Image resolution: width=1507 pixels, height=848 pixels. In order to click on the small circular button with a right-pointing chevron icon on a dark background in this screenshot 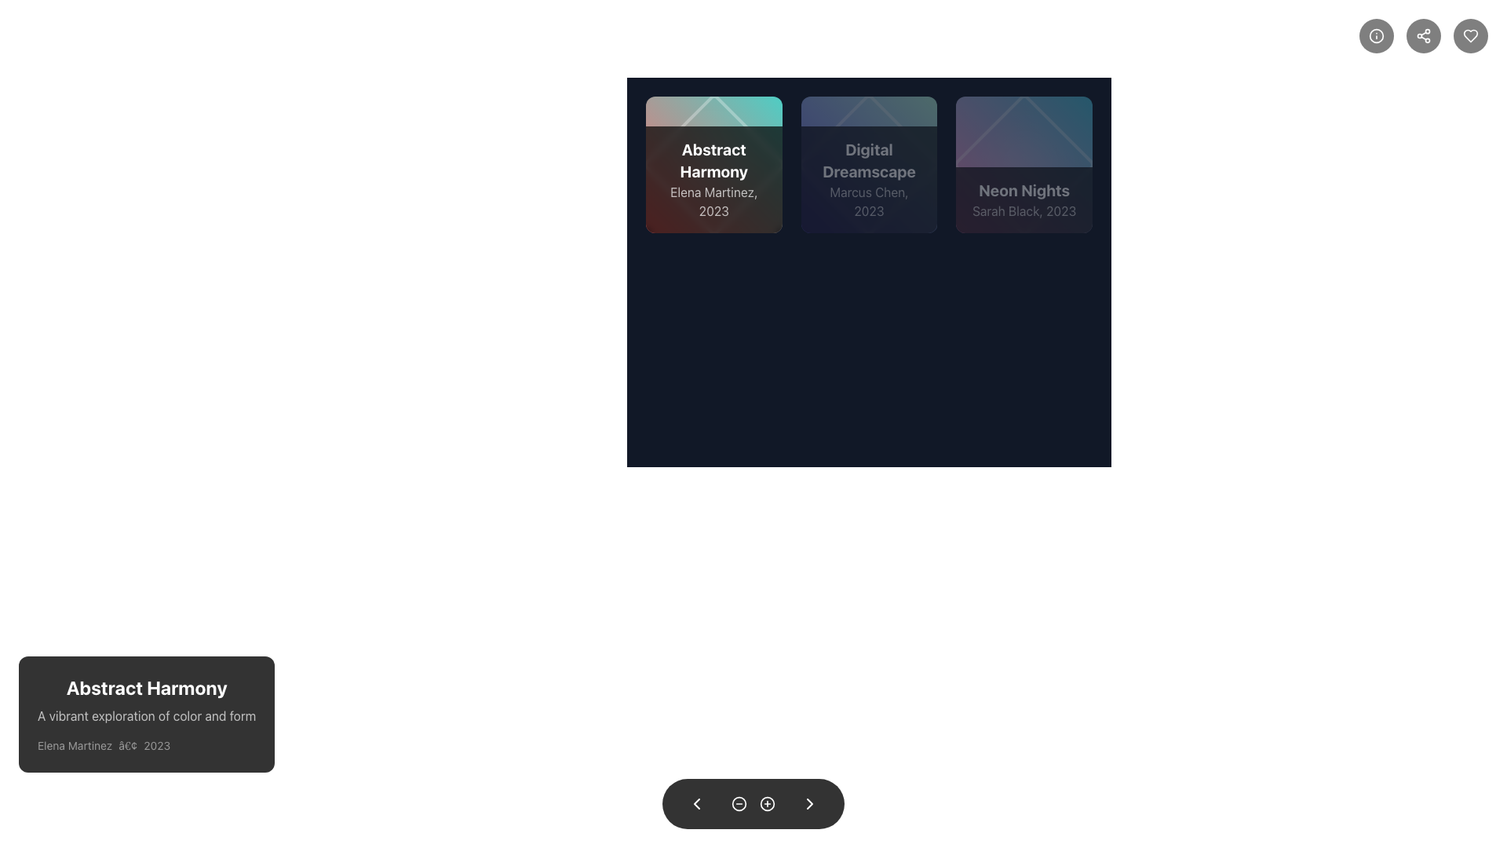, I will do `click(810, 803)`.